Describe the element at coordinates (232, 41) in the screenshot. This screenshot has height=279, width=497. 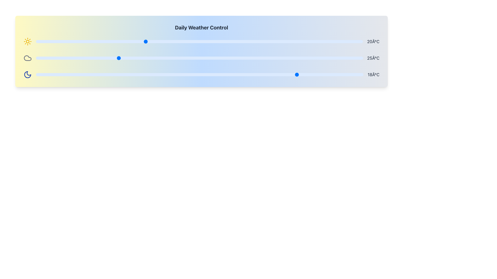
I see `the slider` at that location.